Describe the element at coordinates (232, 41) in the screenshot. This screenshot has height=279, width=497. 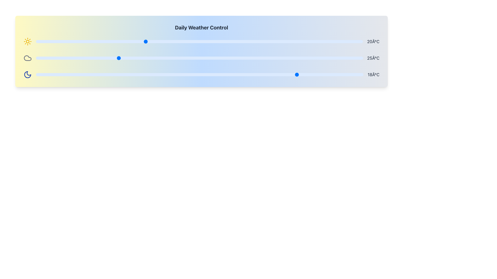
I see `the slider` at that location.